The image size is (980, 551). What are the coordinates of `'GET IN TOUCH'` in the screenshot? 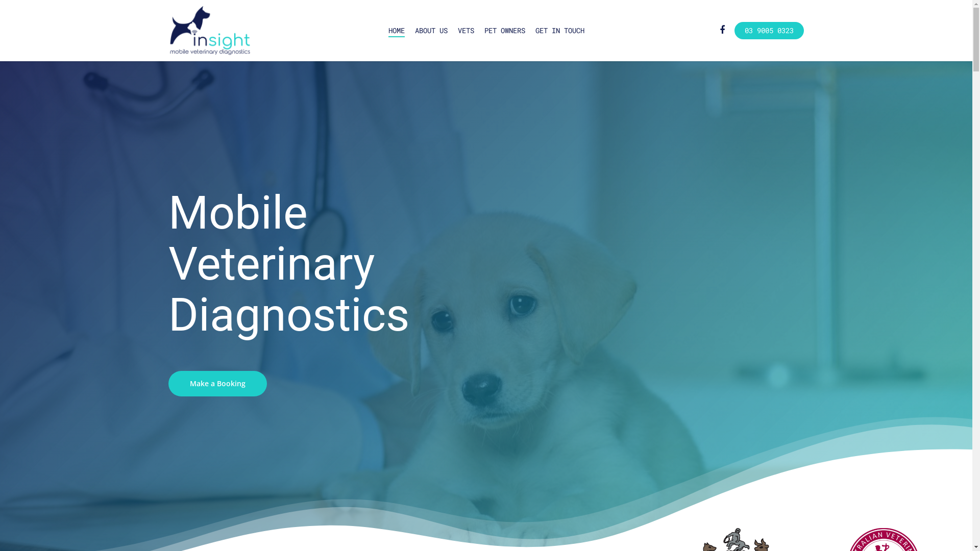 It's located at (558, 30).